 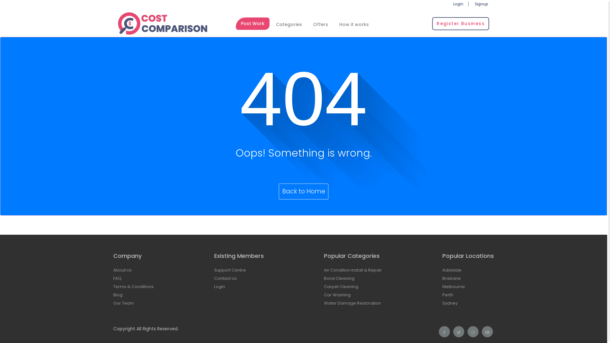 I want to click on 'Perth', so click(x=447, y=295).